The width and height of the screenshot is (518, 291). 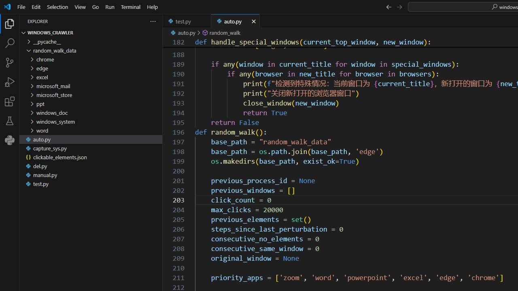 What do you see at coordinates (131, 6) in the screenshot?
I see `'Terminal'` at bounding box center [131, 6].